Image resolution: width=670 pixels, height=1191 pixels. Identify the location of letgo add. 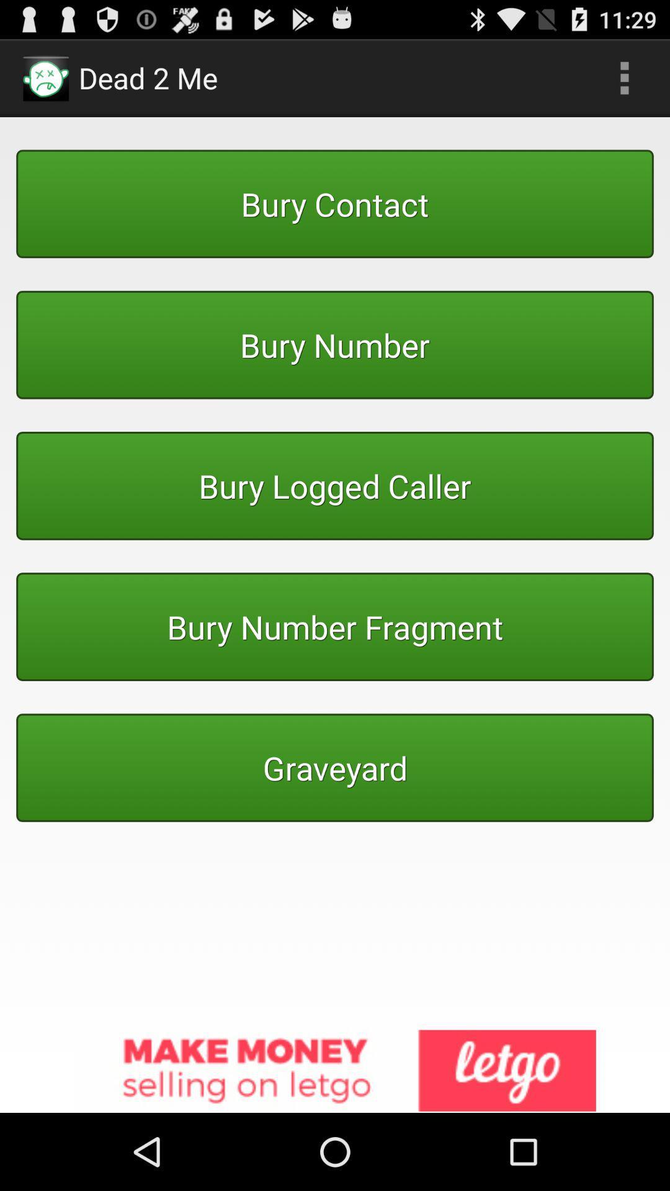
(335, 1071).